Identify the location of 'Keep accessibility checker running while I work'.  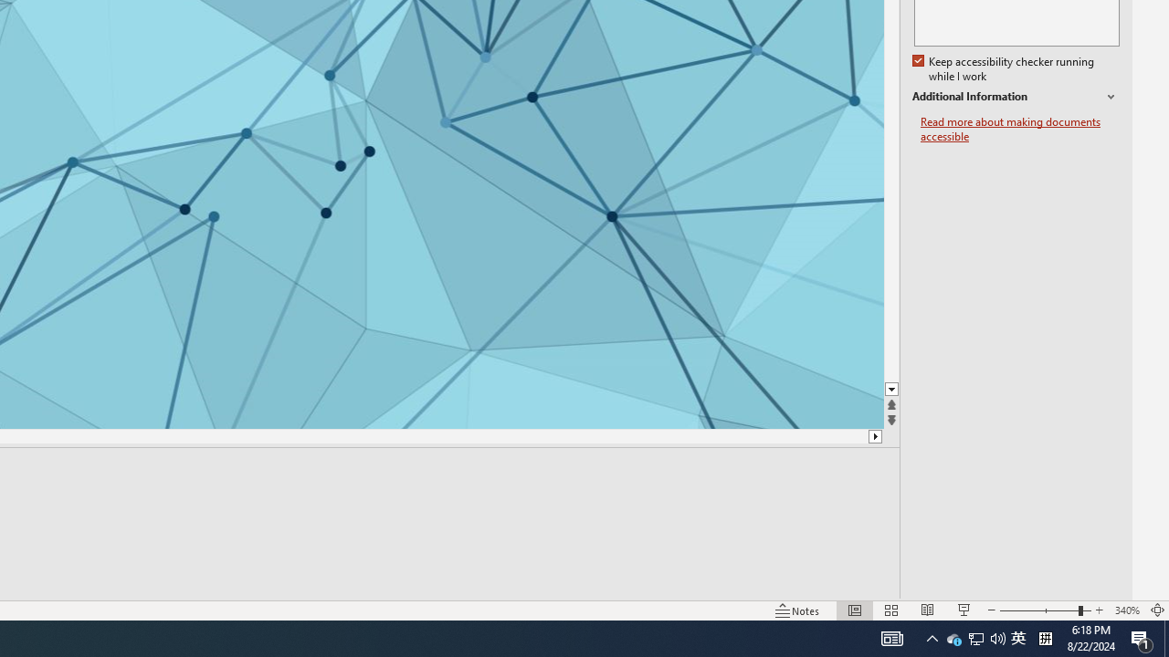
(1004, 68).